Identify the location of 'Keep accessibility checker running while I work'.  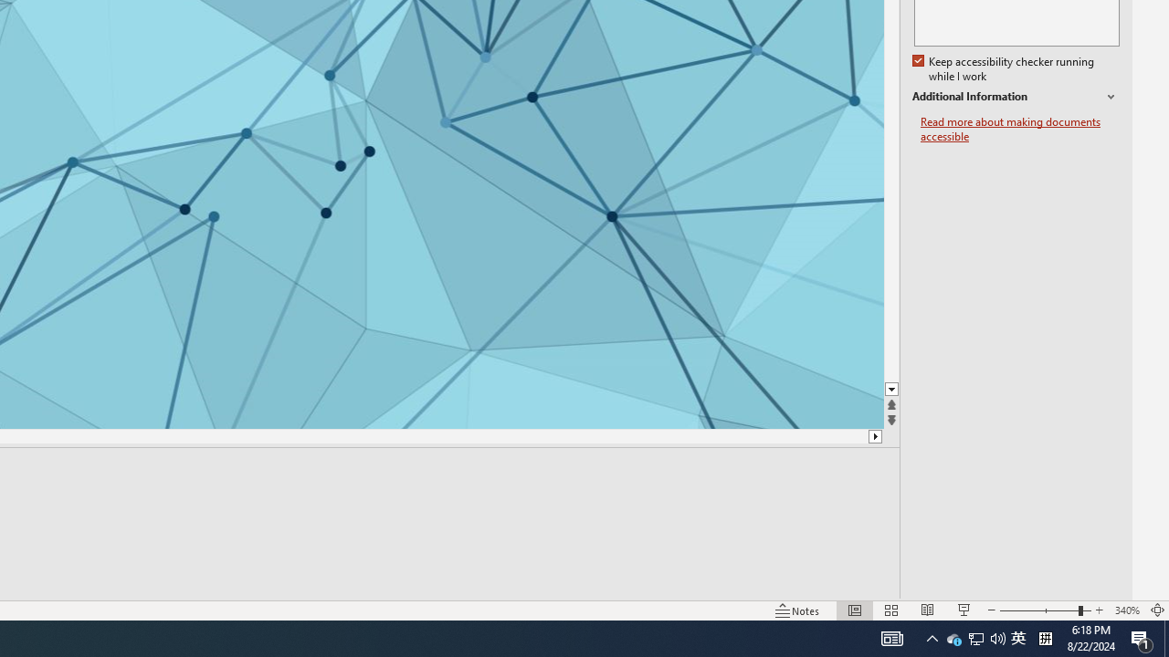
(1004, 68).